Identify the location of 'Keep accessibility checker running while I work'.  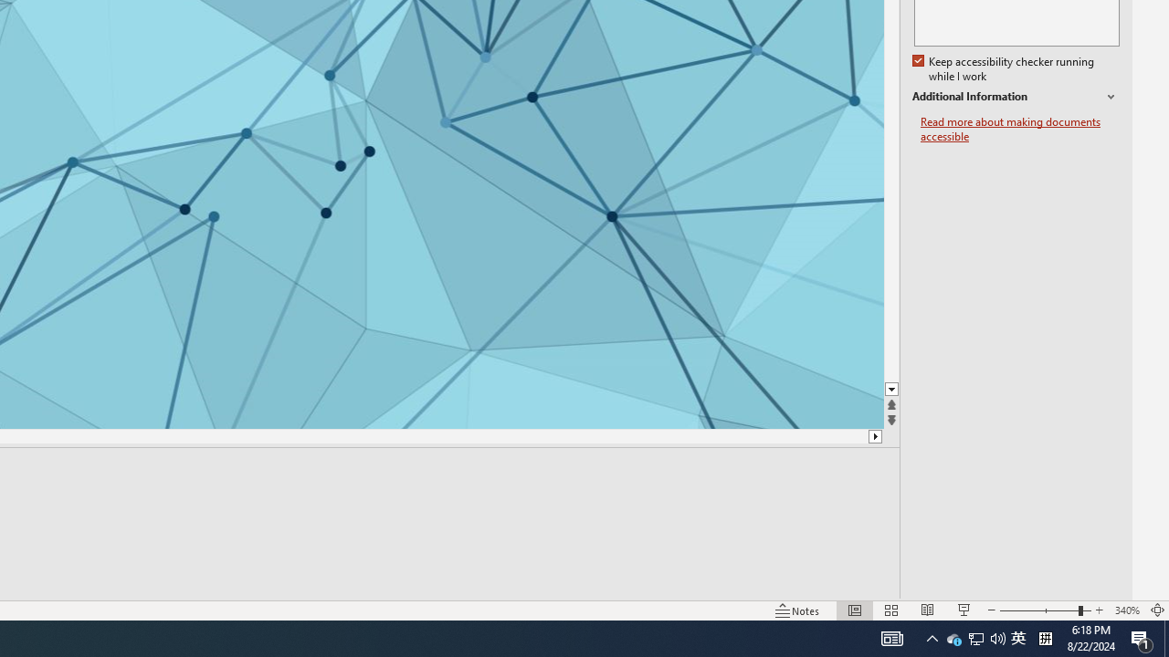
(1004, 68).